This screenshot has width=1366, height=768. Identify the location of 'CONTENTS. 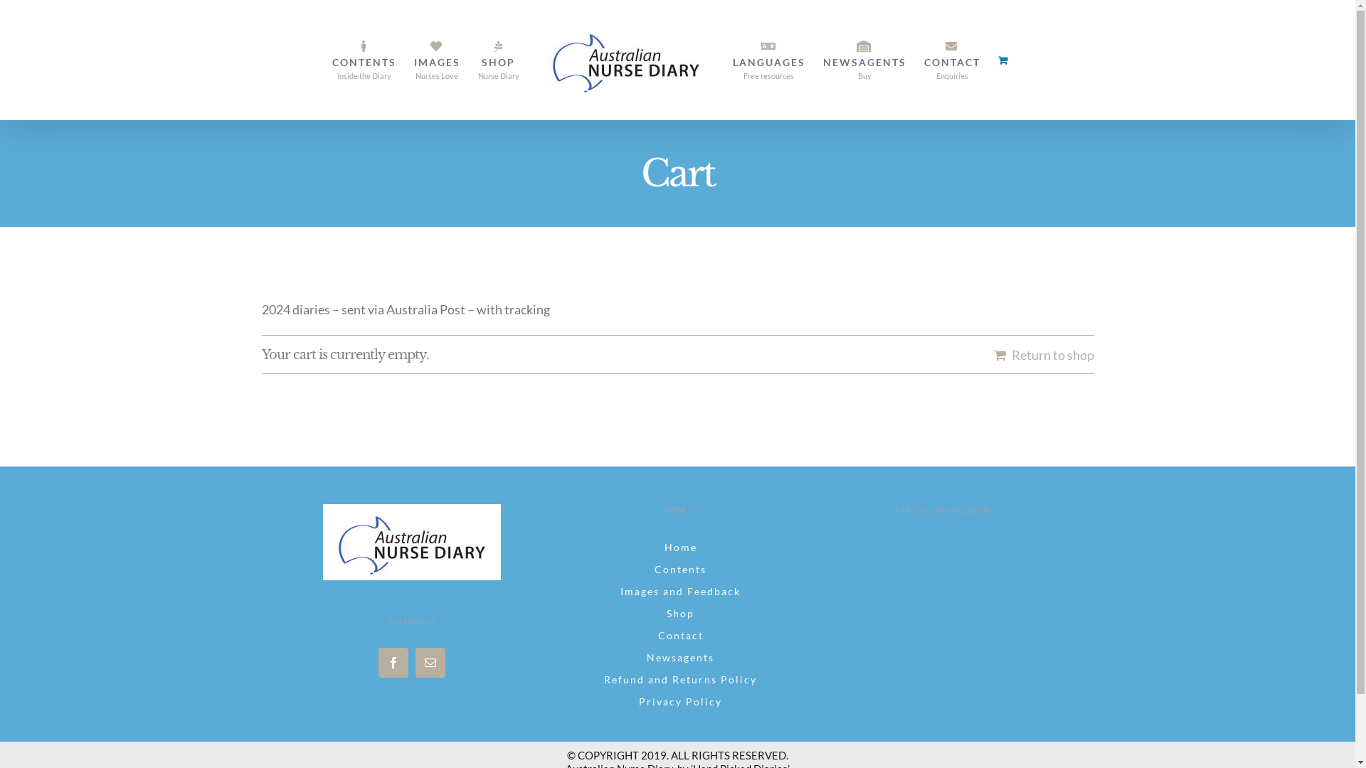
(363, 59).